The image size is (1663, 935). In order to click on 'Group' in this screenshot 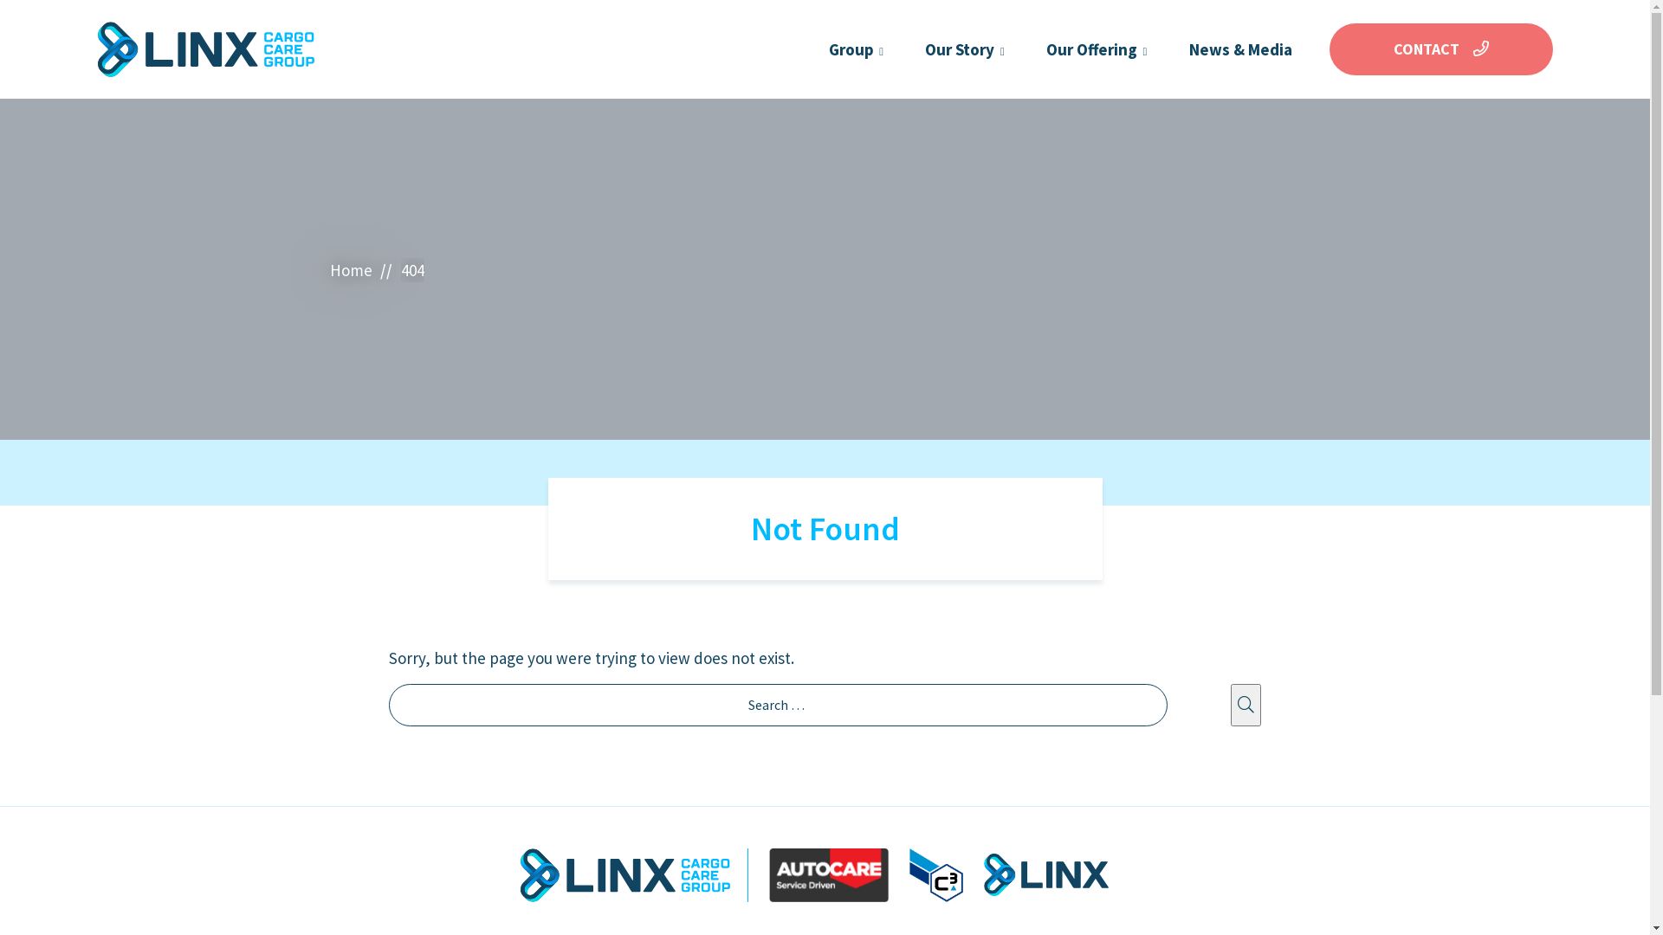, I will do `click(853, 48)`.